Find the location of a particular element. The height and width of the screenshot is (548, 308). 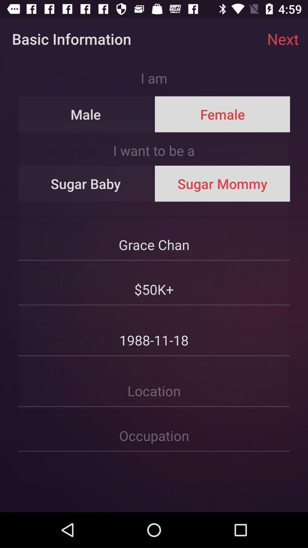

item next to the sugar mommy is located at coordinates (86, 184).